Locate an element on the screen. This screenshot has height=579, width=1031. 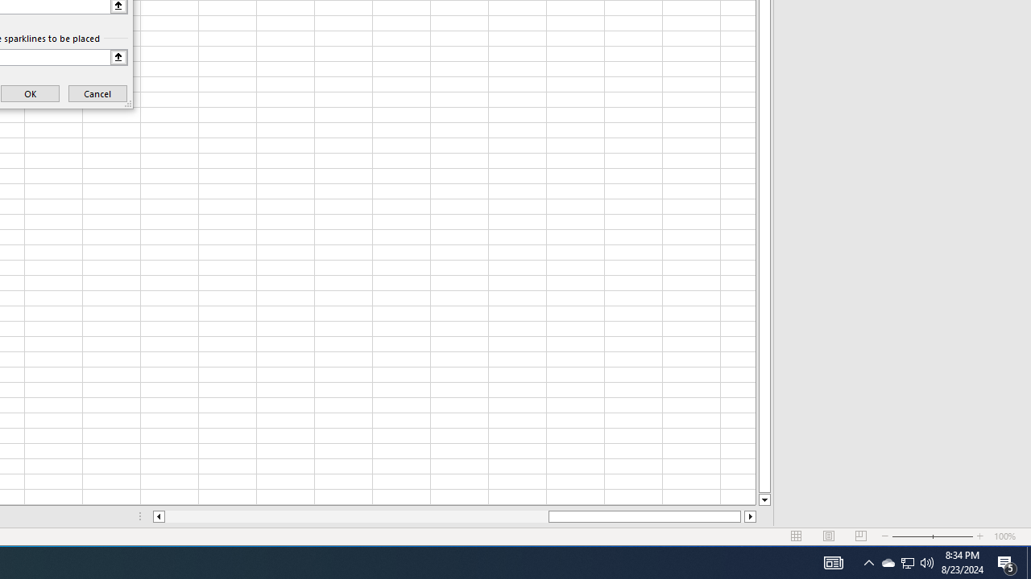
'Page Break Preview' is located at coordinates (860, 536).